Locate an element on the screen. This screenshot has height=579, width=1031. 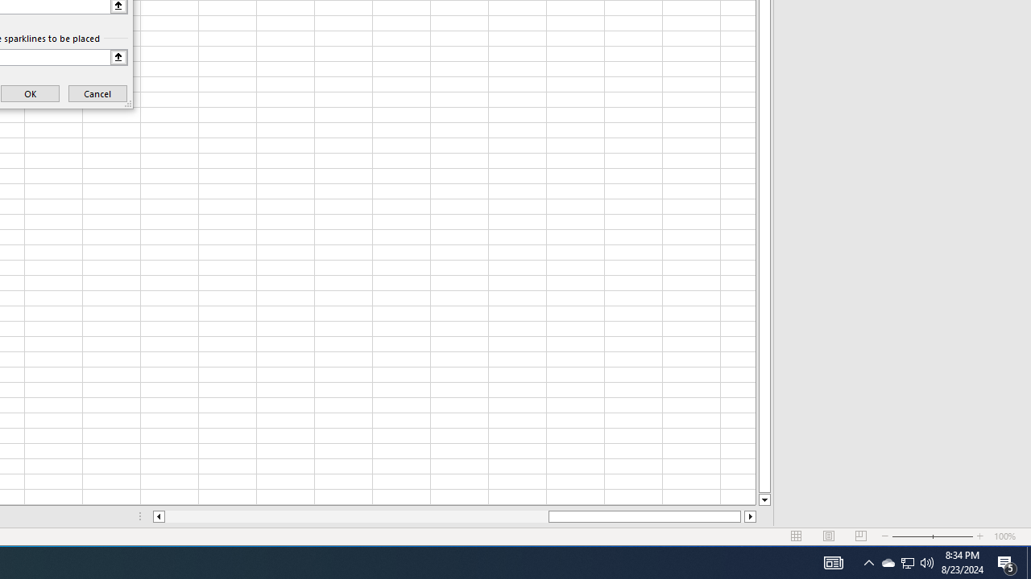
'Page Break Preview' is located at coordinates (860, 536).